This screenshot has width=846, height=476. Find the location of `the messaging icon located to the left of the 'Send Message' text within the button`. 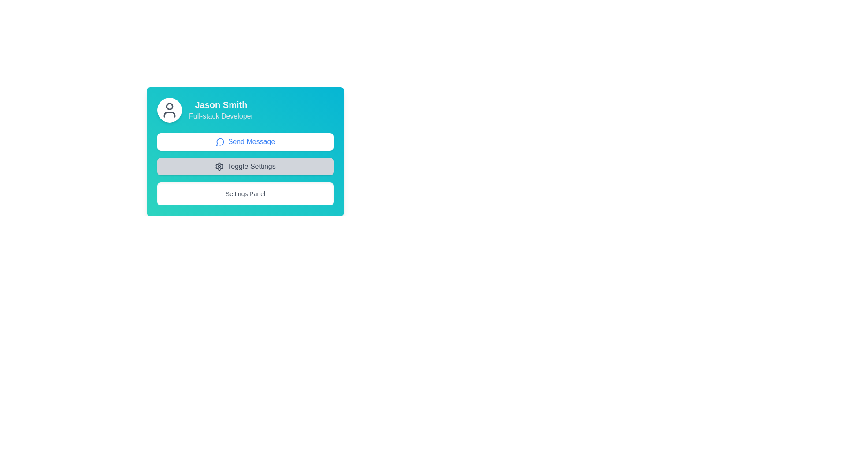

the messaging icon located to the left of the 'Send Message' text within the button is located at coordinates (220, 141).